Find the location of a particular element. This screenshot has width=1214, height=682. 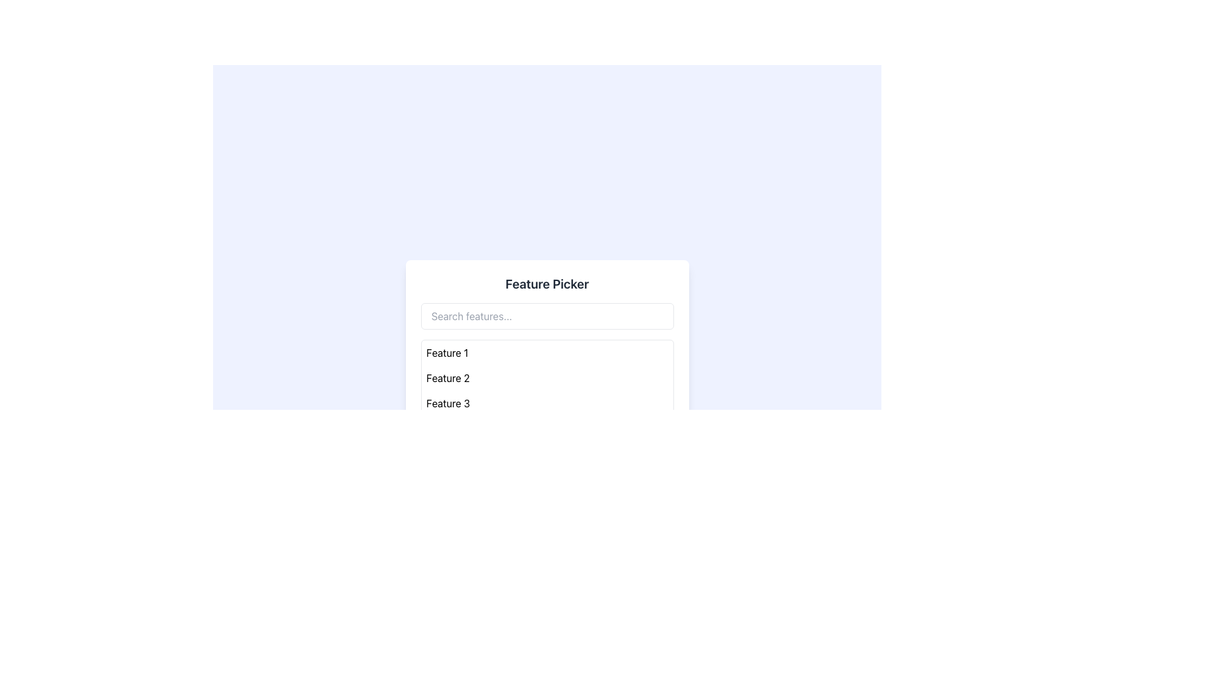

the third text label in the 'Feature Picker' panel is located at coordinates (448, 404).